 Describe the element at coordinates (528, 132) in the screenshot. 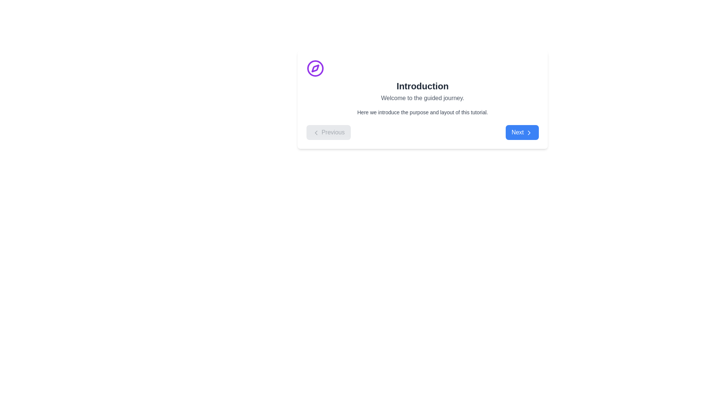

I see `the right-facing chevron icon within the 'Next' button, indicating an actionable element for advancing in the UI` at that location.